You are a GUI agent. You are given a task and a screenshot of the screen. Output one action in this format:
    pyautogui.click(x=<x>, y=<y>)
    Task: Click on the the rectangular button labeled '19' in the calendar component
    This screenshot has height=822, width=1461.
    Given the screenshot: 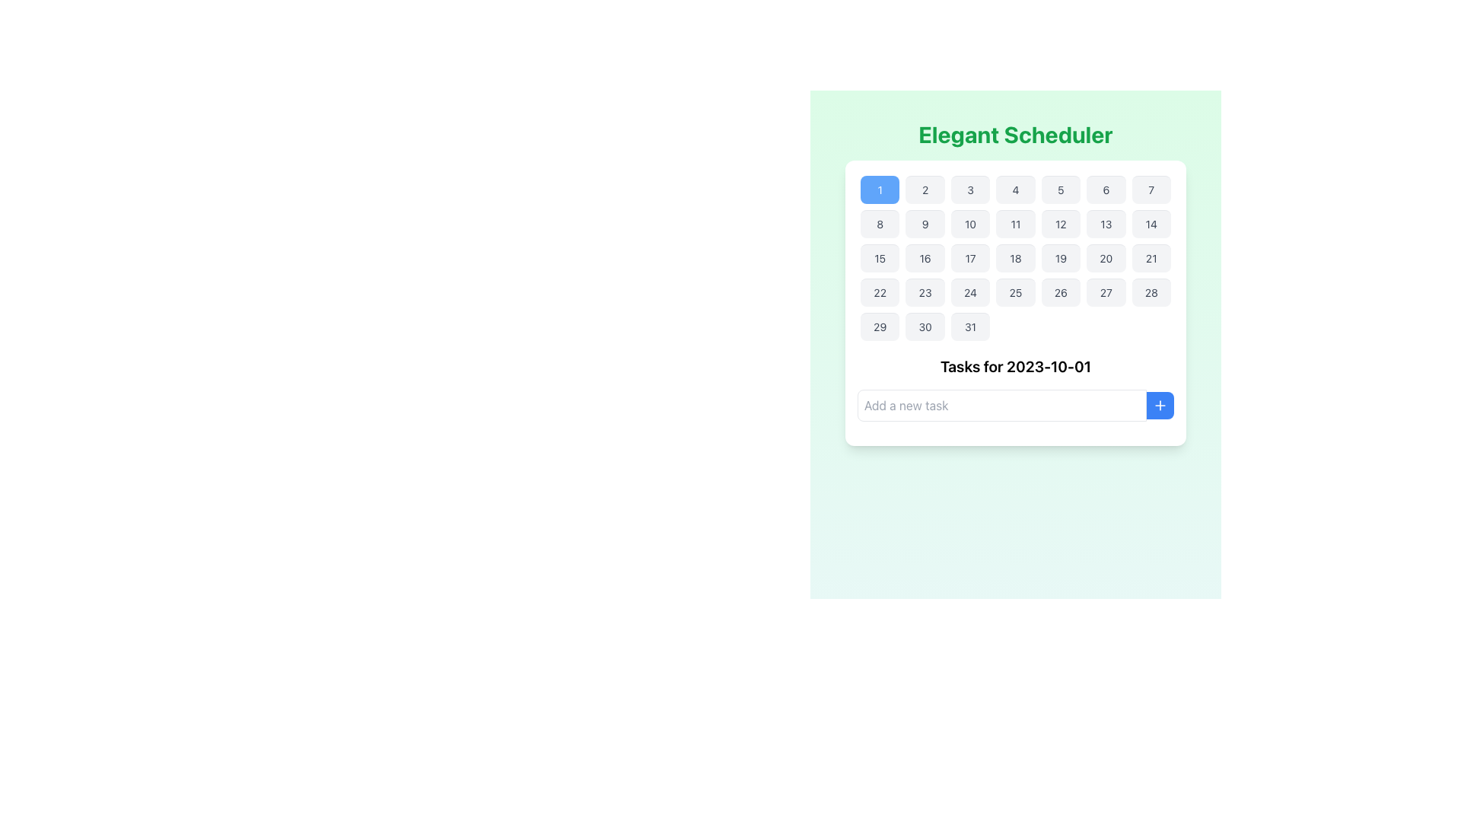 What is the action you would take?
    pyautogui.click(x=1060, y=257)
    